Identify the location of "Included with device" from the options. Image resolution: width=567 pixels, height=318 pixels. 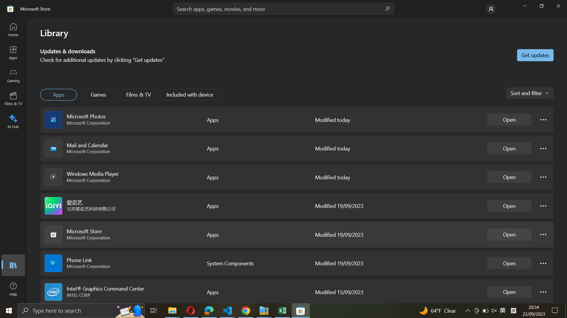
(190, 94).